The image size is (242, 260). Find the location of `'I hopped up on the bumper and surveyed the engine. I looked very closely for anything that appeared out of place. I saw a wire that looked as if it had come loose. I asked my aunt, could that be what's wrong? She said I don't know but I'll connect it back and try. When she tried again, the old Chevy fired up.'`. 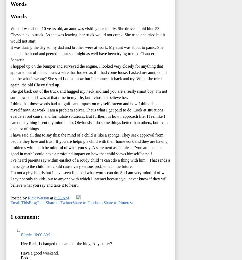

'I hopped up on the bumper and surveyed the engine. I looked very closely for anything that appeared out of place. I saw a wire that looked as if it had come loose. I asked my aunt, could that be what's wrong? She said I don't know but I'll connect it back and try. When she tried again, the old Chevy fired up.' is located at coordinates (10, 75).